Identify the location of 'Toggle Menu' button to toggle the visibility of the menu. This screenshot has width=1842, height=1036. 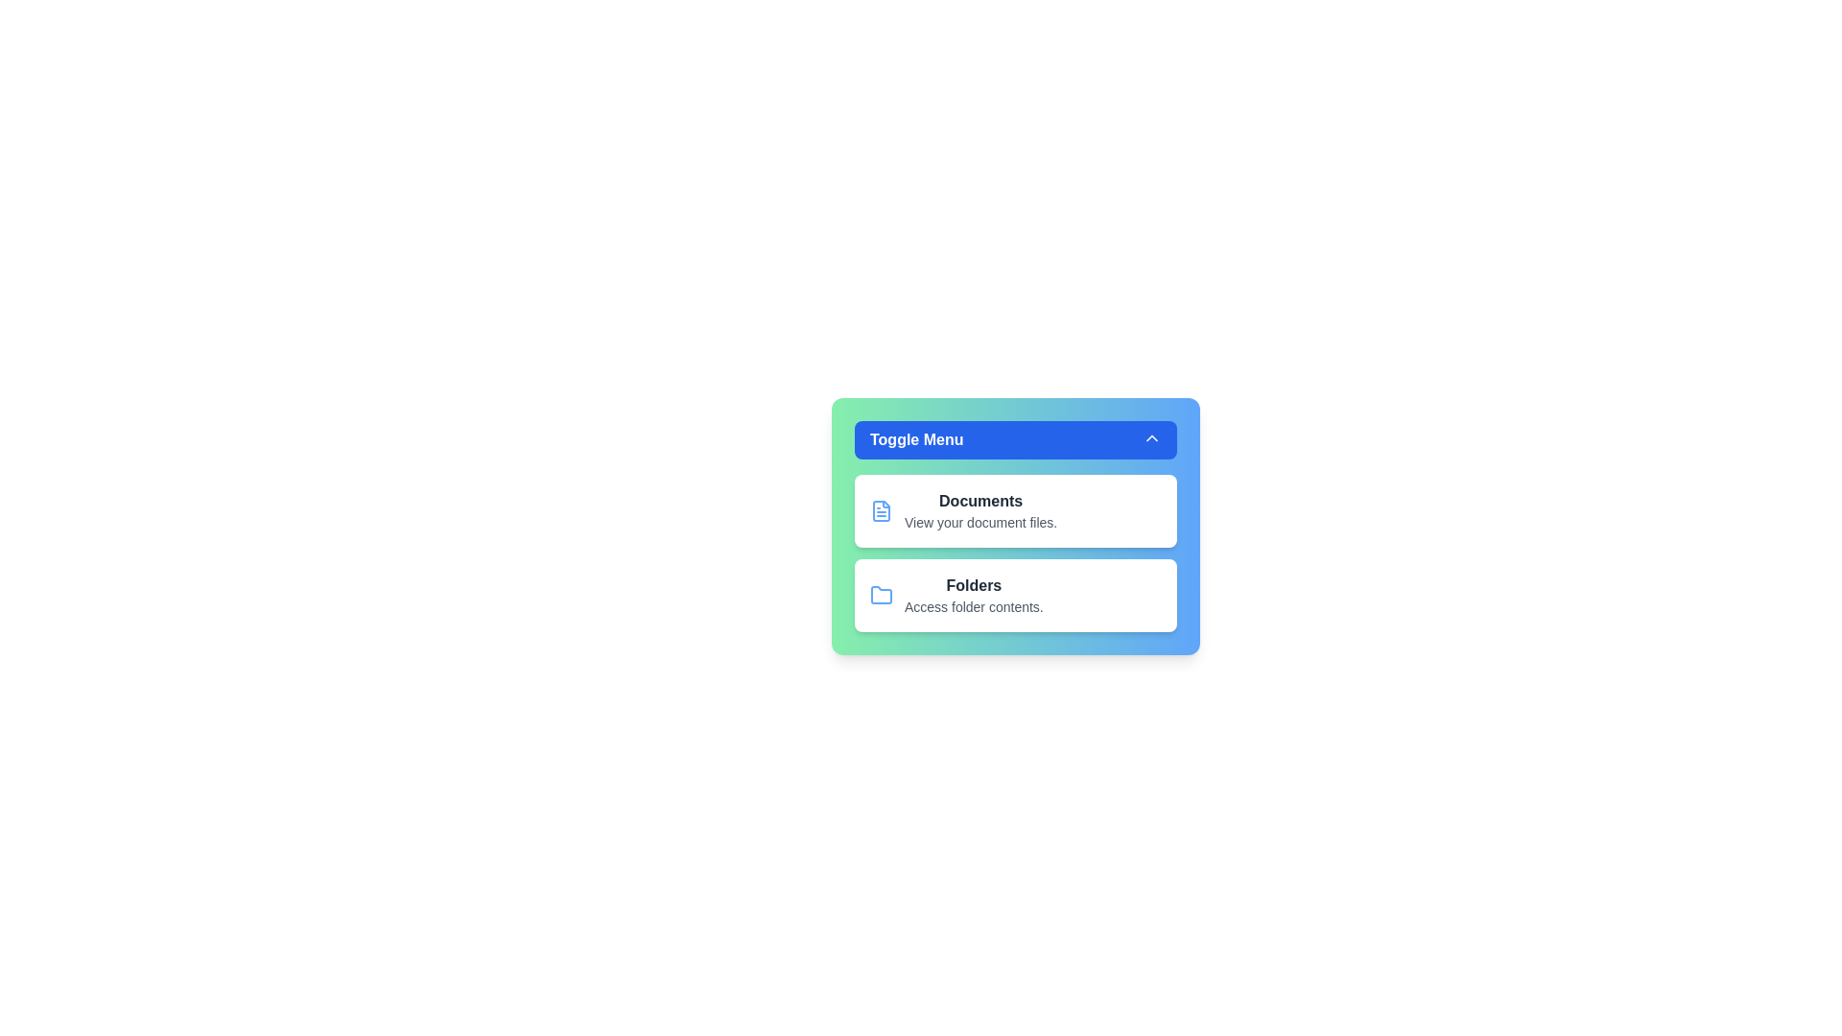
(1015, 440).